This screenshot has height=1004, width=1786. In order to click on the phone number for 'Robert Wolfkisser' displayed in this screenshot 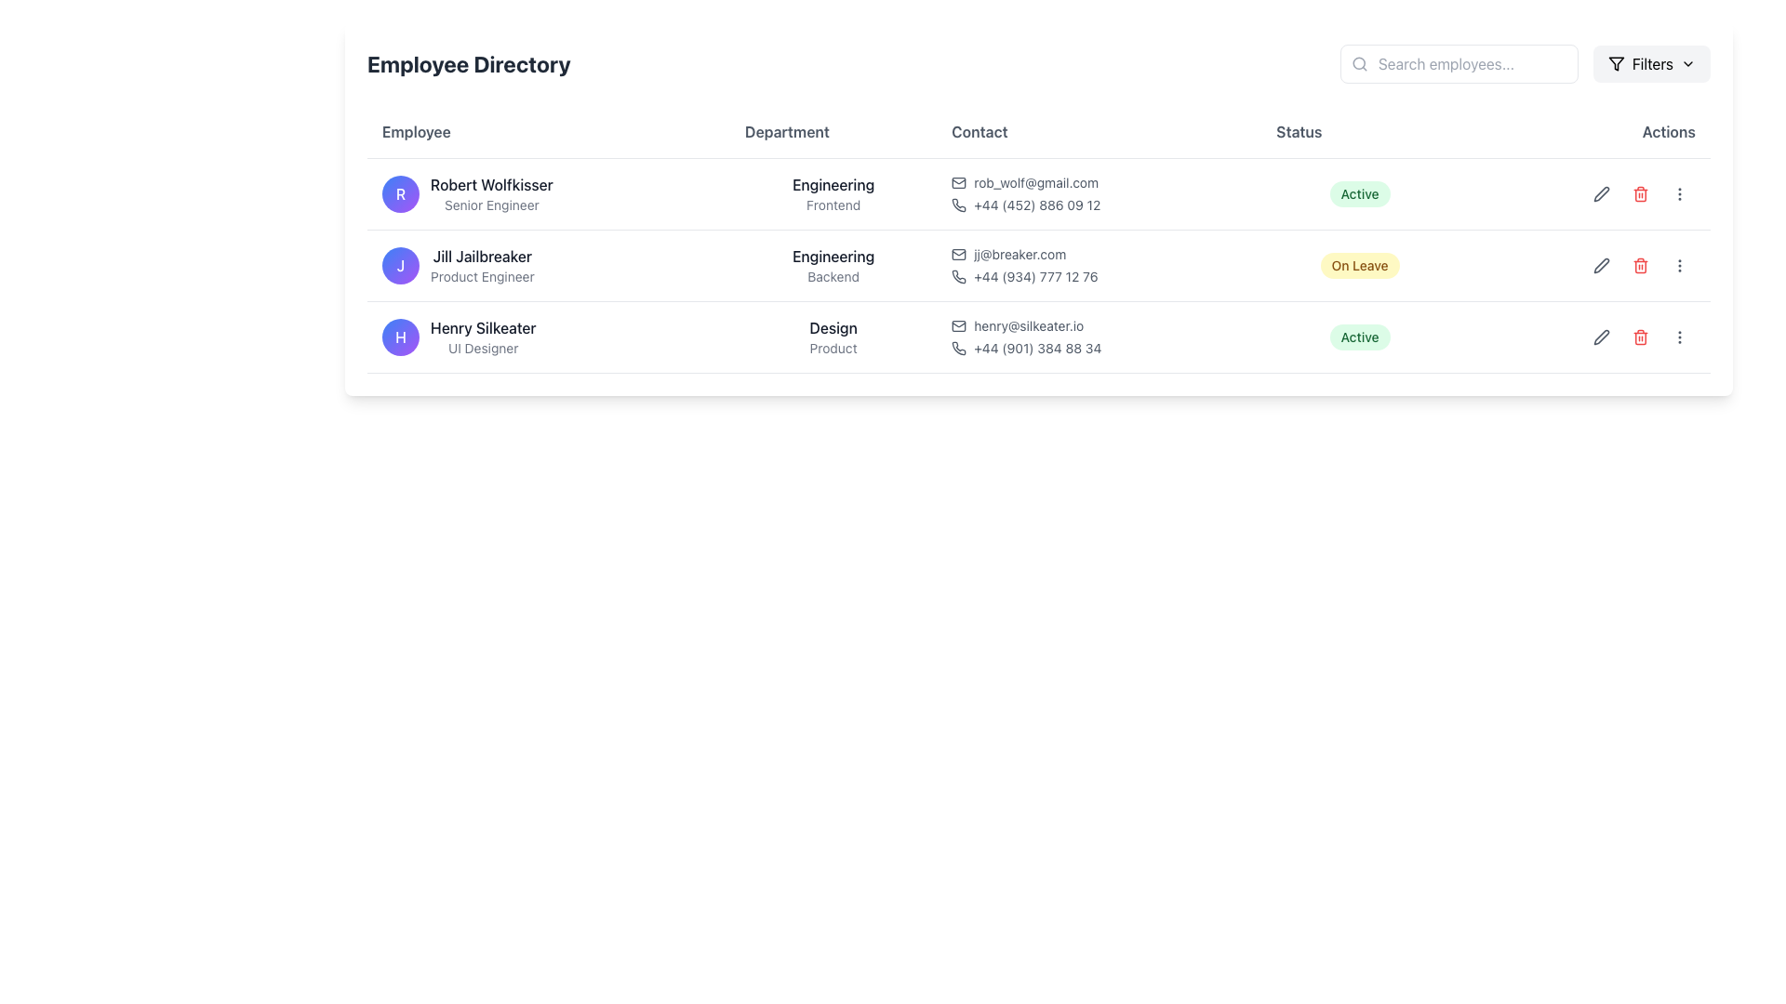, I will do `click(1036, 205)`.